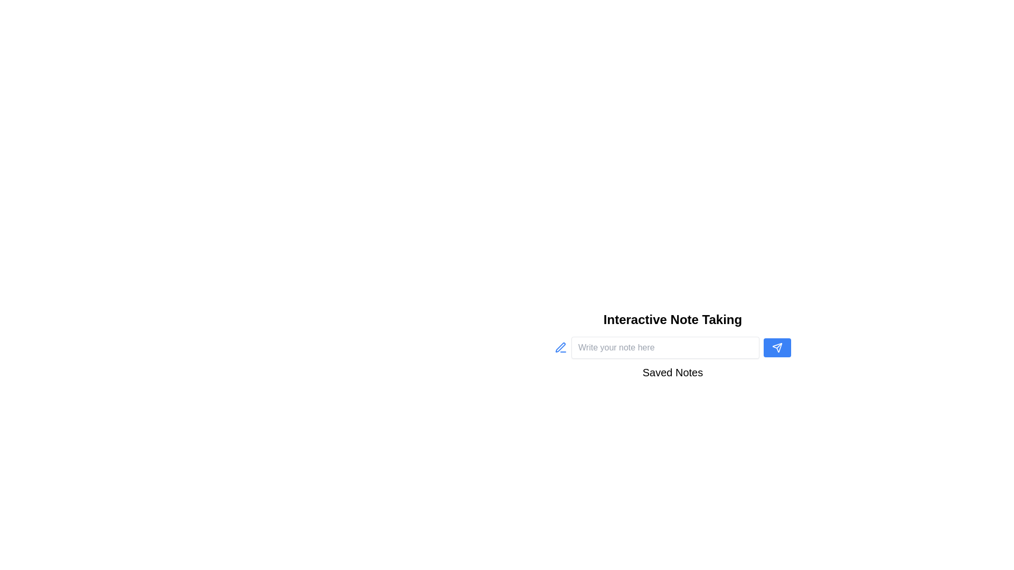  What do you see at coordinates (777, 348) in the screenshot?
I see `the blue button with a white send icon resembling a paper airplane` at bounding box center [777, 348].